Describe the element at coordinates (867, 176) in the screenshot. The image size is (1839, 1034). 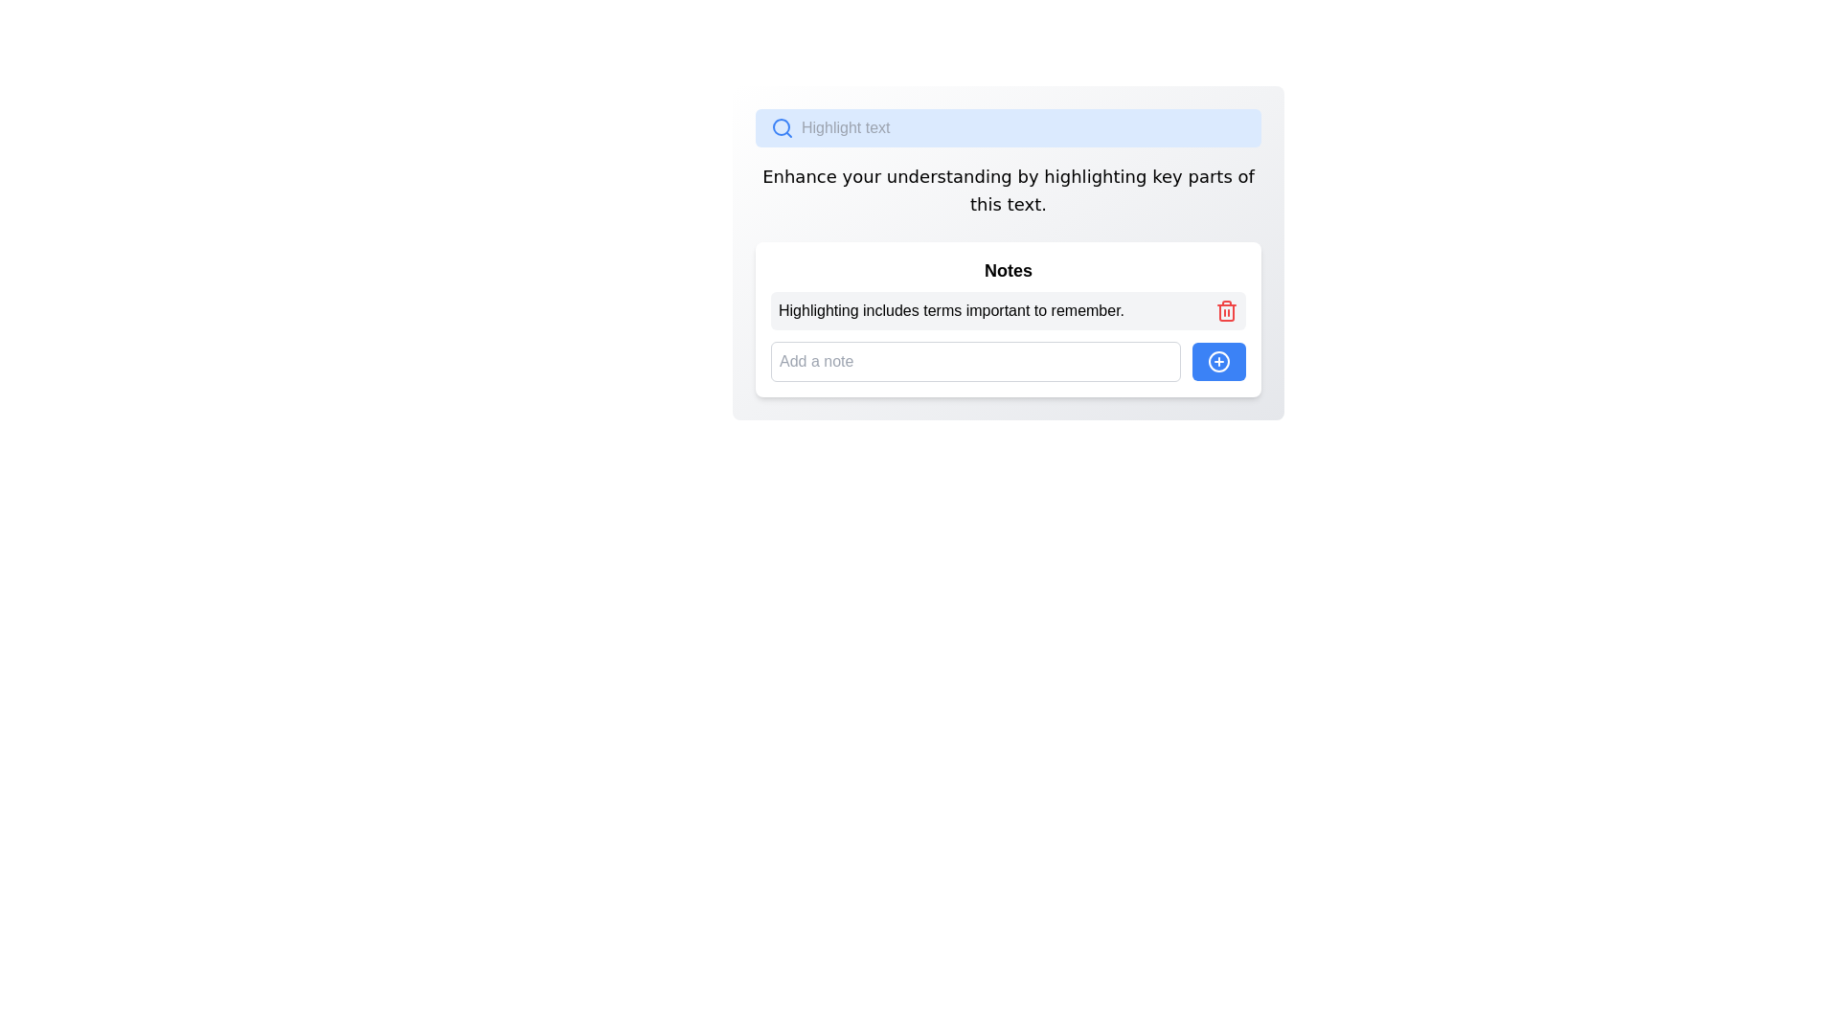
I see `the character 'u' in the phrase 'Enhance your understanding by highlighting key parts of this text.'` at that location.